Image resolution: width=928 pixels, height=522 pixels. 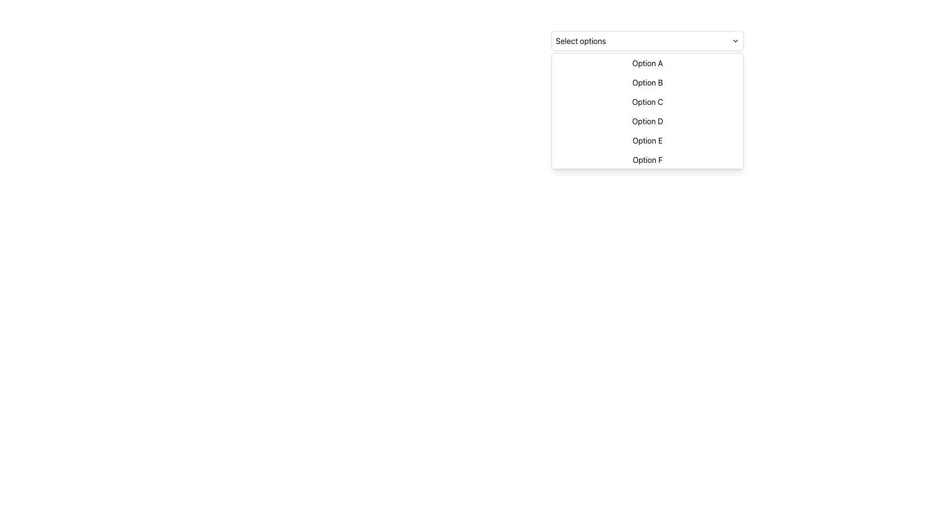 What do you see at coordinates (580, 40) in the screenshot?
I see `the 'Select options' text element within the dropdown menu to highlight the text` at bounding box center [580, 40].